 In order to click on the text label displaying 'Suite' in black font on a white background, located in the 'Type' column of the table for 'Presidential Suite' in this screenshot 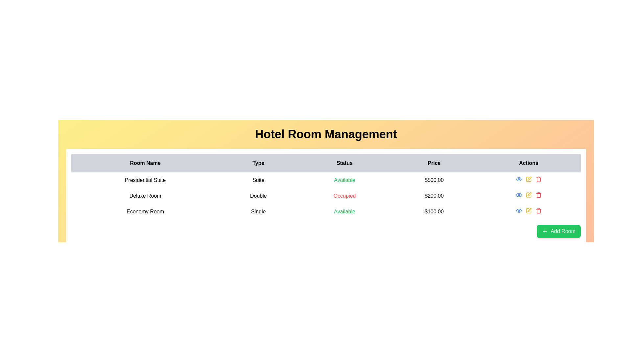, I will do `click(258, 180)`.